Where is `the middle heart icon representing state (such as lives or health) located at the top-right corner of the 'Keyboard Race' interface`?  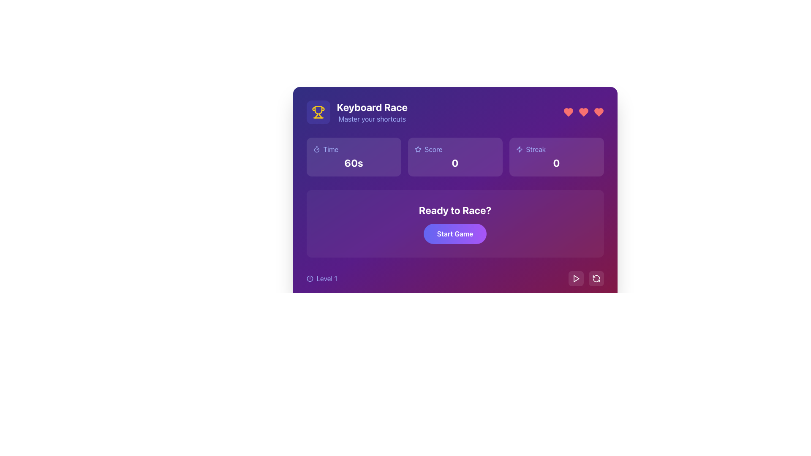
the middle heart icon representing state (such as lives or health) located at the top-right corner of the 'Keyboard Race' interface is located at coordinates (583, 112).